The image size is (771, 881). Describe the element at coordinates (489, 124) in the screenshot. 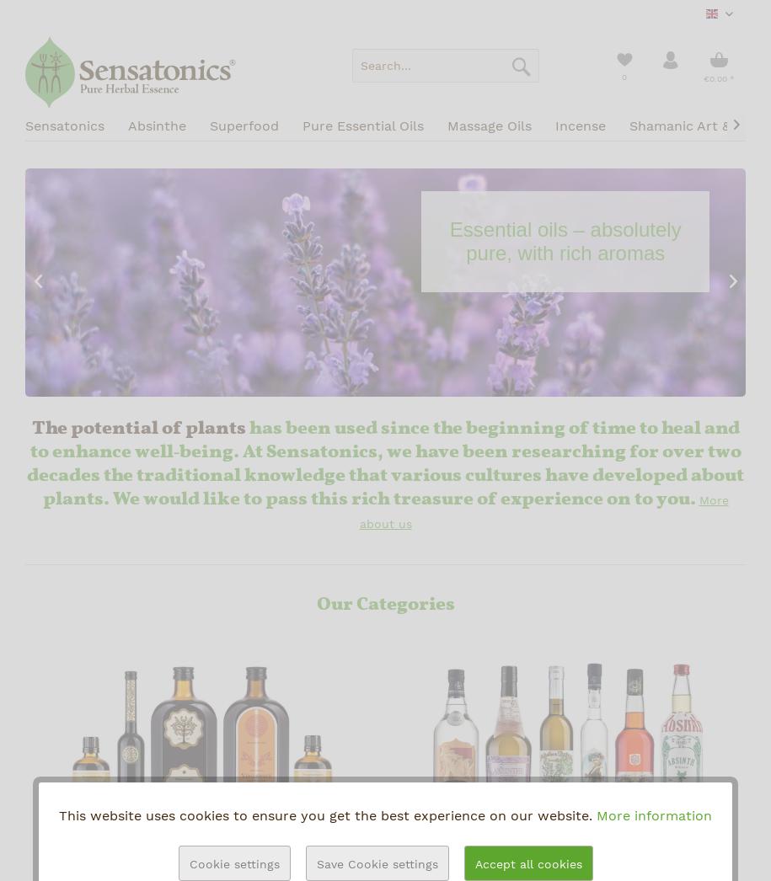

I see `'Massage Oils'` at that location.